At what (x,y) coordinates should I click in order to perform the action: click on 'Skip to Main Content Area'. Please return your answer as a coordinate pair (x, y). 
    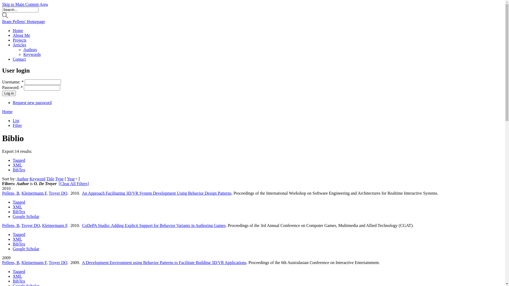
    Looking at the image, I should click on (25, 4).